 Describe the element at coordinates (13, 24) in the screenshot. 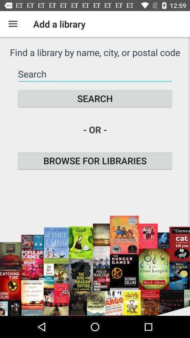

I see `item next to the add a library icon` at that location.